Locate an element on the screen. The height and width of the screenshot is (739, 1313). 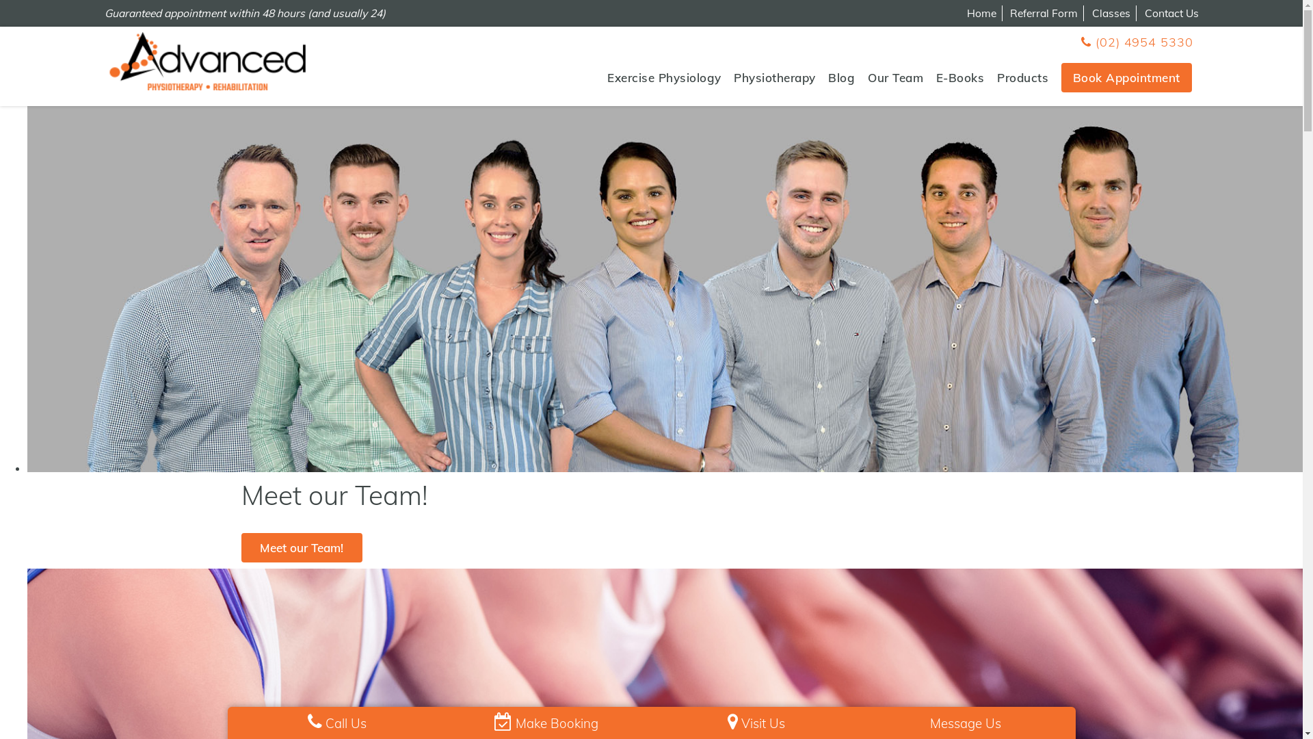
'Classes' is located at coordinates (1091, 13).